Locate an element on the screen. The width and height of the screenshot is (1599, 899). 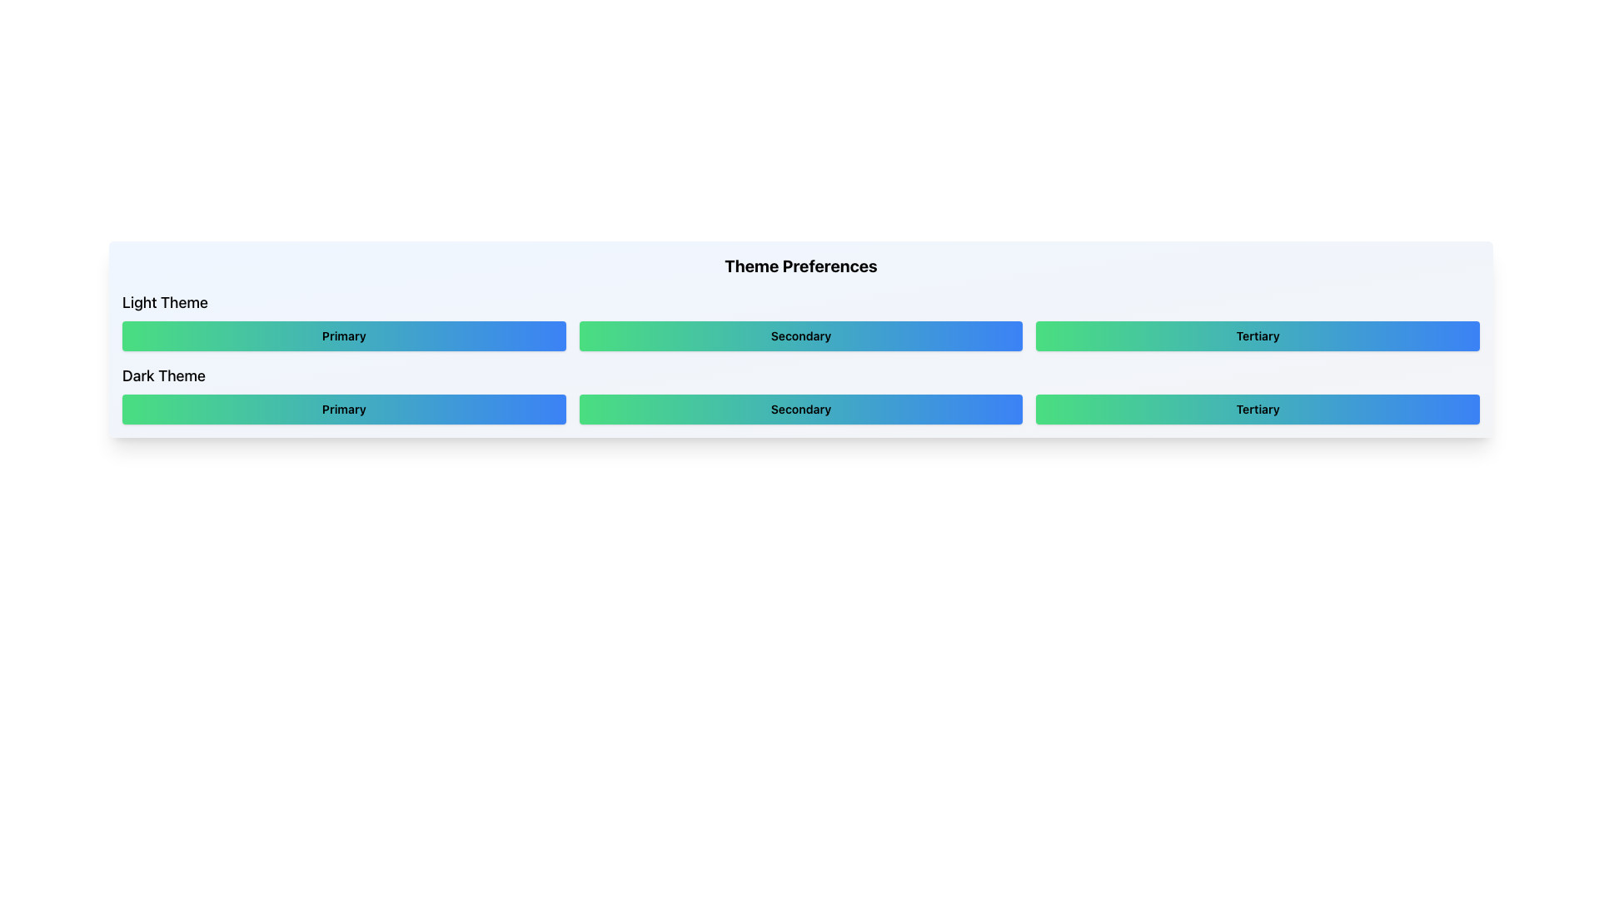
the first button under the 'Light Theme' header is located at coordinates (343, 336).